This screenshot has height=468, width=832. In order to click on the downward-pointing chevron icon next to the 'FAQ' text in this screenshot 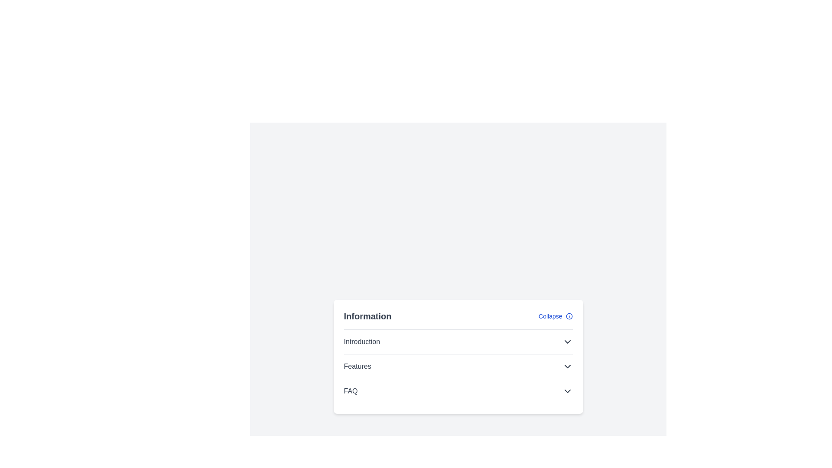, I will do `click(567, 391)`.